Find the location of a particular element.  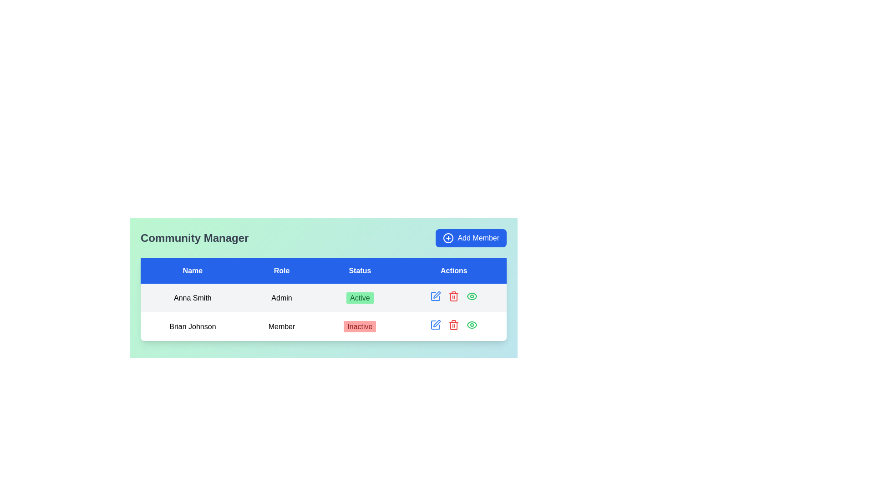

the non-interactive text label that serves as the fourth column header in the table, located to the right of the 'Name', 'Role', and 'Status' headers is located at coordinates (454, 271).